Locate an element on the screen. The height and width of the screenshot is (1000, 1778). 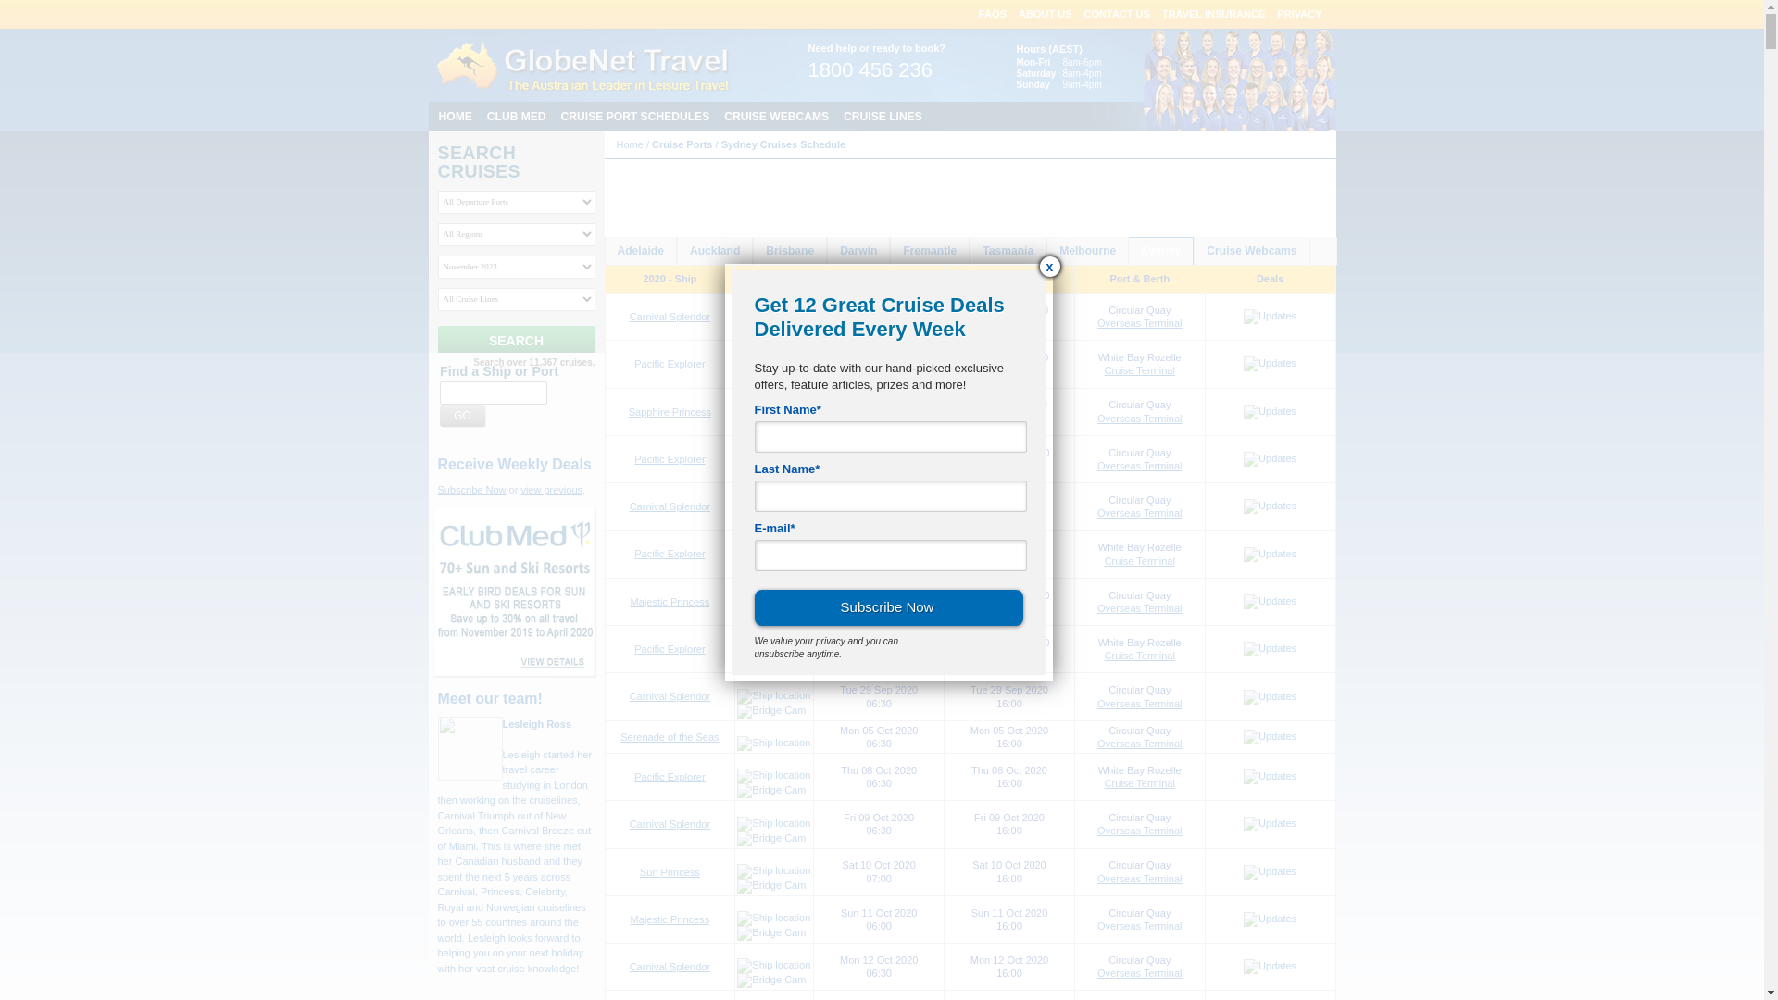
'Cruise Terminal' is located at coordinates (1138, 370).